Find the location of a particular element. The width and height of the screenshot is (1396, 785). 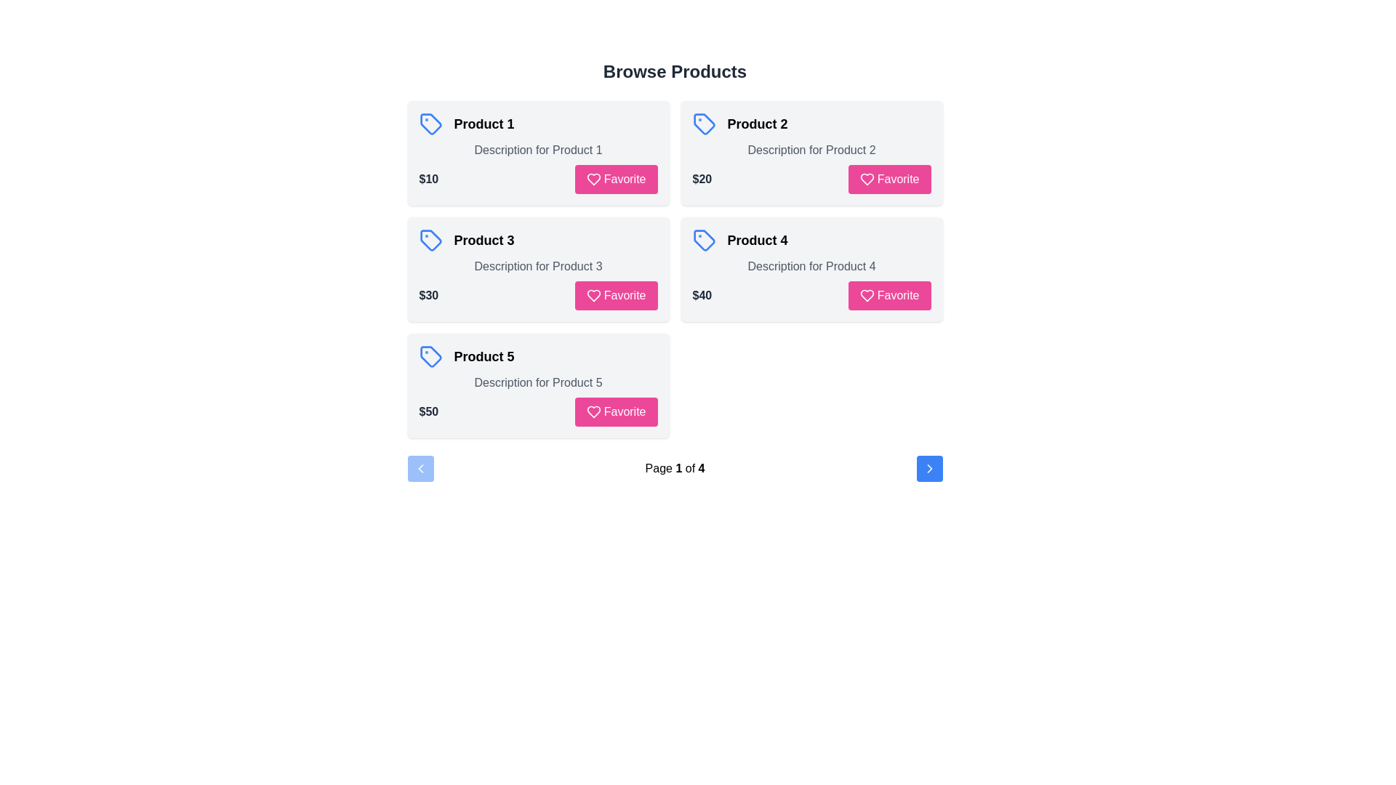

the text label displaying '$30' in bold dark gray font located in the bottom-left corner of the third card under 'Product 3' is located at coordinates (428, 295).